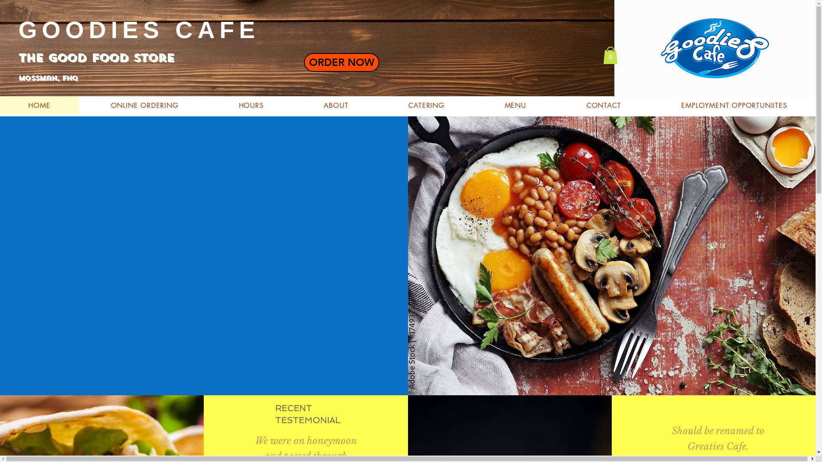 This screenshot has height=462, width=822. What do you see at coordinates (426, 105) in the screenshot?
I see `'CATERING'` at bounding box center [426, 105].